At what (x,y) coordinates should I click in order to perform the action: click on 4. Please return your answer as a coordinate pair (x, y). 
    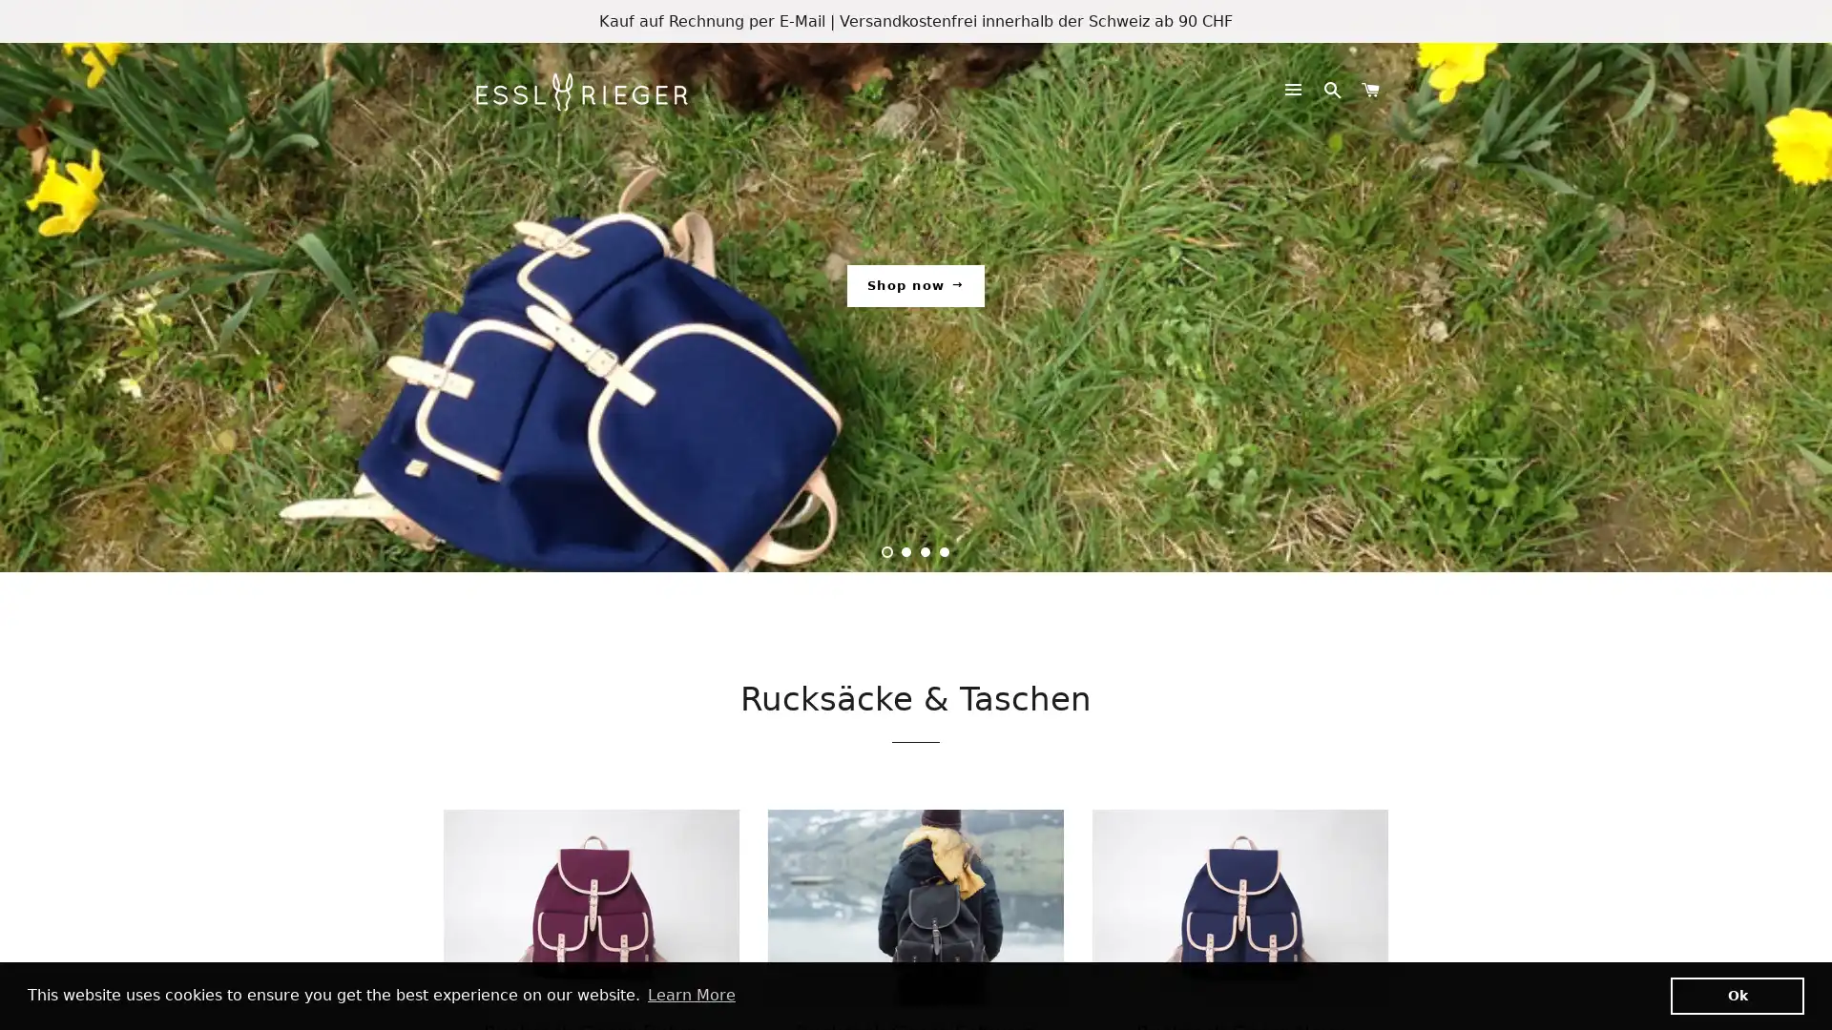
    Looking at the image, I should click on (944, 1007).